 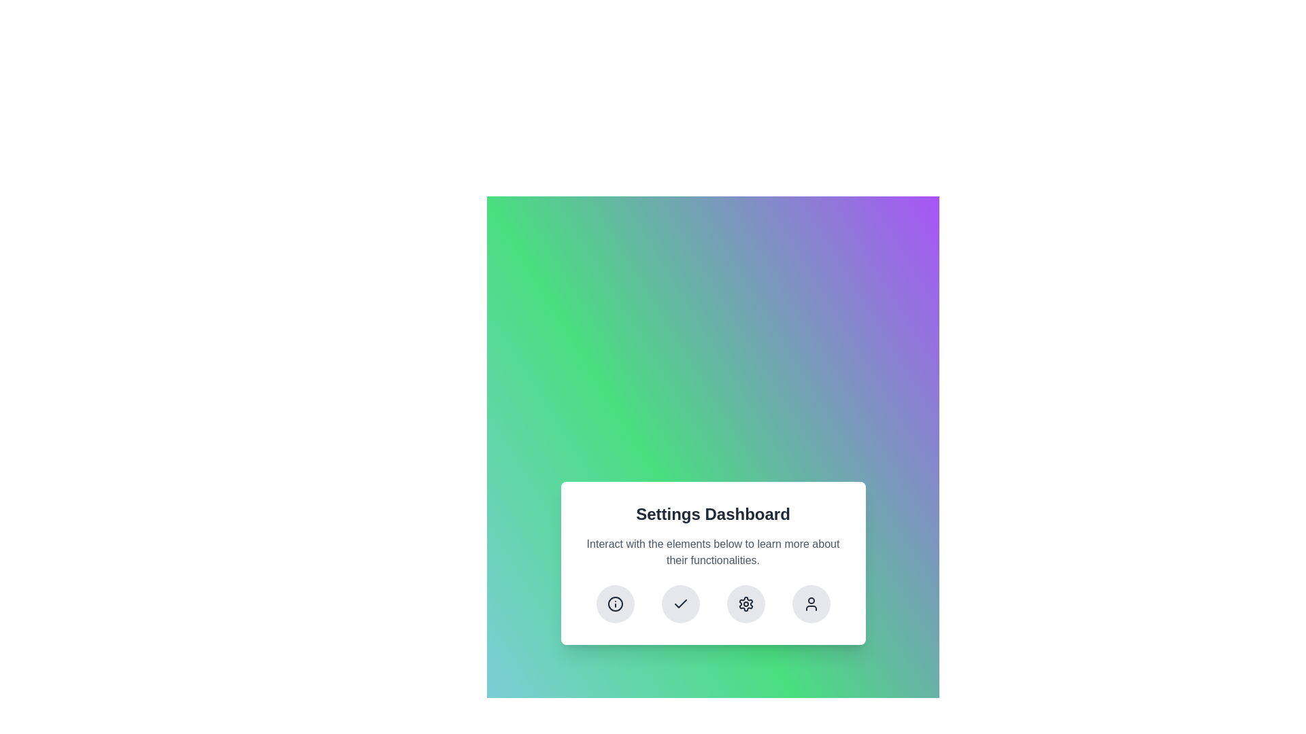 I want to click on the user profile silhouette icon, which is the fourth icon in the horizontal set at the bottom of the 'Settings Dashboard' card, so click(x=811, y=603).